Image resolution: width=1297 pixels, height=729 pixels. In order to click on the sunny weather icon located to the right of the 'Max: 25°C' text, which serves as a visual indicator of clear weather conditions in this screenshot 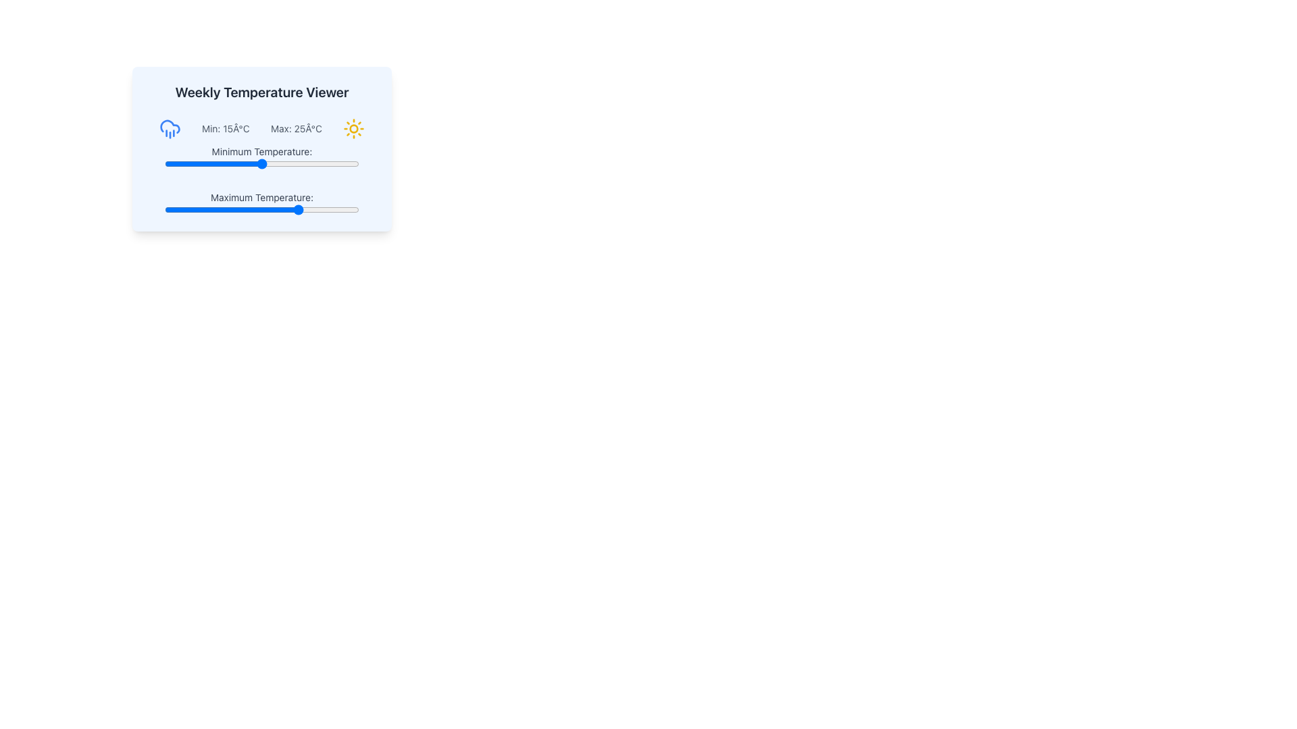, I will do `click(354, 129)`.